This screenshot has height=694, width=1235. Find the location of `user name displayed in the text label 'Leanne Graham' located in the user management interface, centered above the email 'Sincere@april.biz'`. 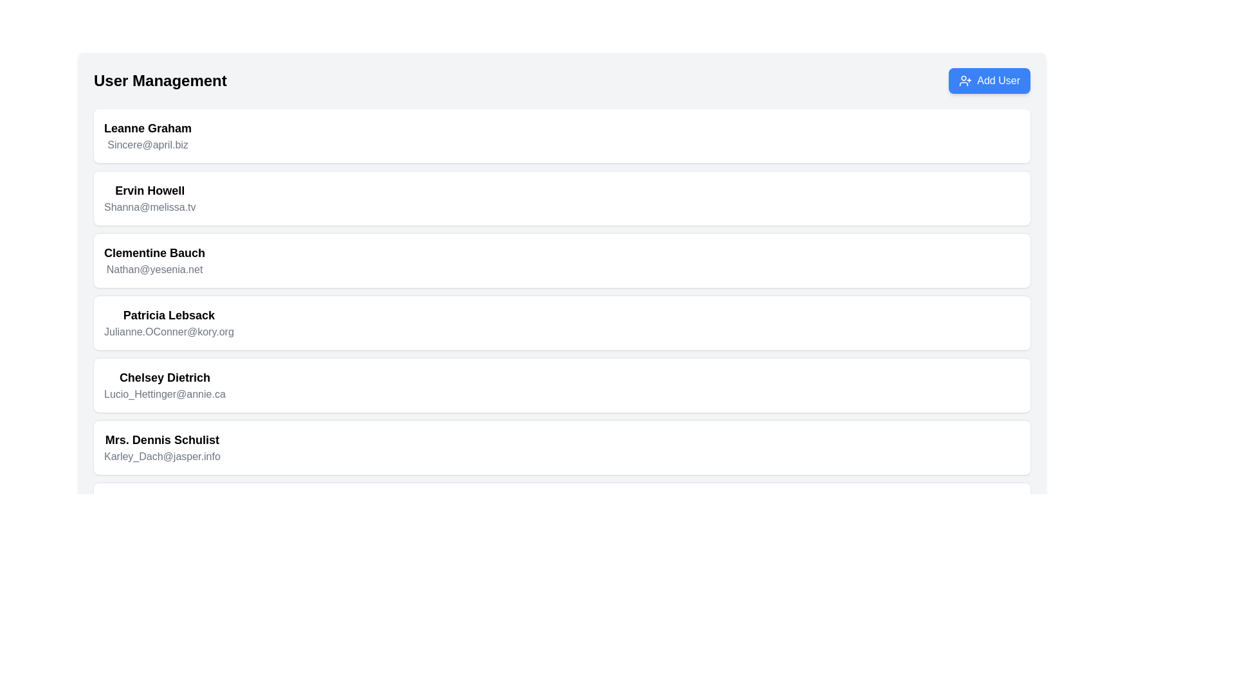

user name displayed in the text label 'Leanne Graham' located in the user management interface, centered above the email 'Sincere@april.biz' is located at coordinates (148, 129).